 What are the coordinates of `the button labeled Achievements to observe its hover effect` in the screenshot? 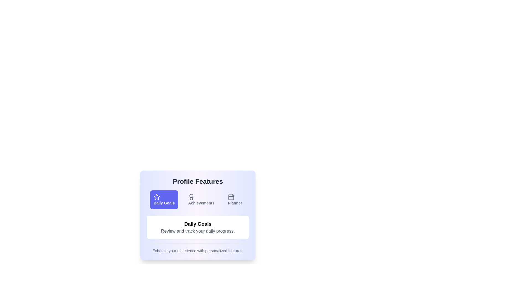 It's located at (201, 200).